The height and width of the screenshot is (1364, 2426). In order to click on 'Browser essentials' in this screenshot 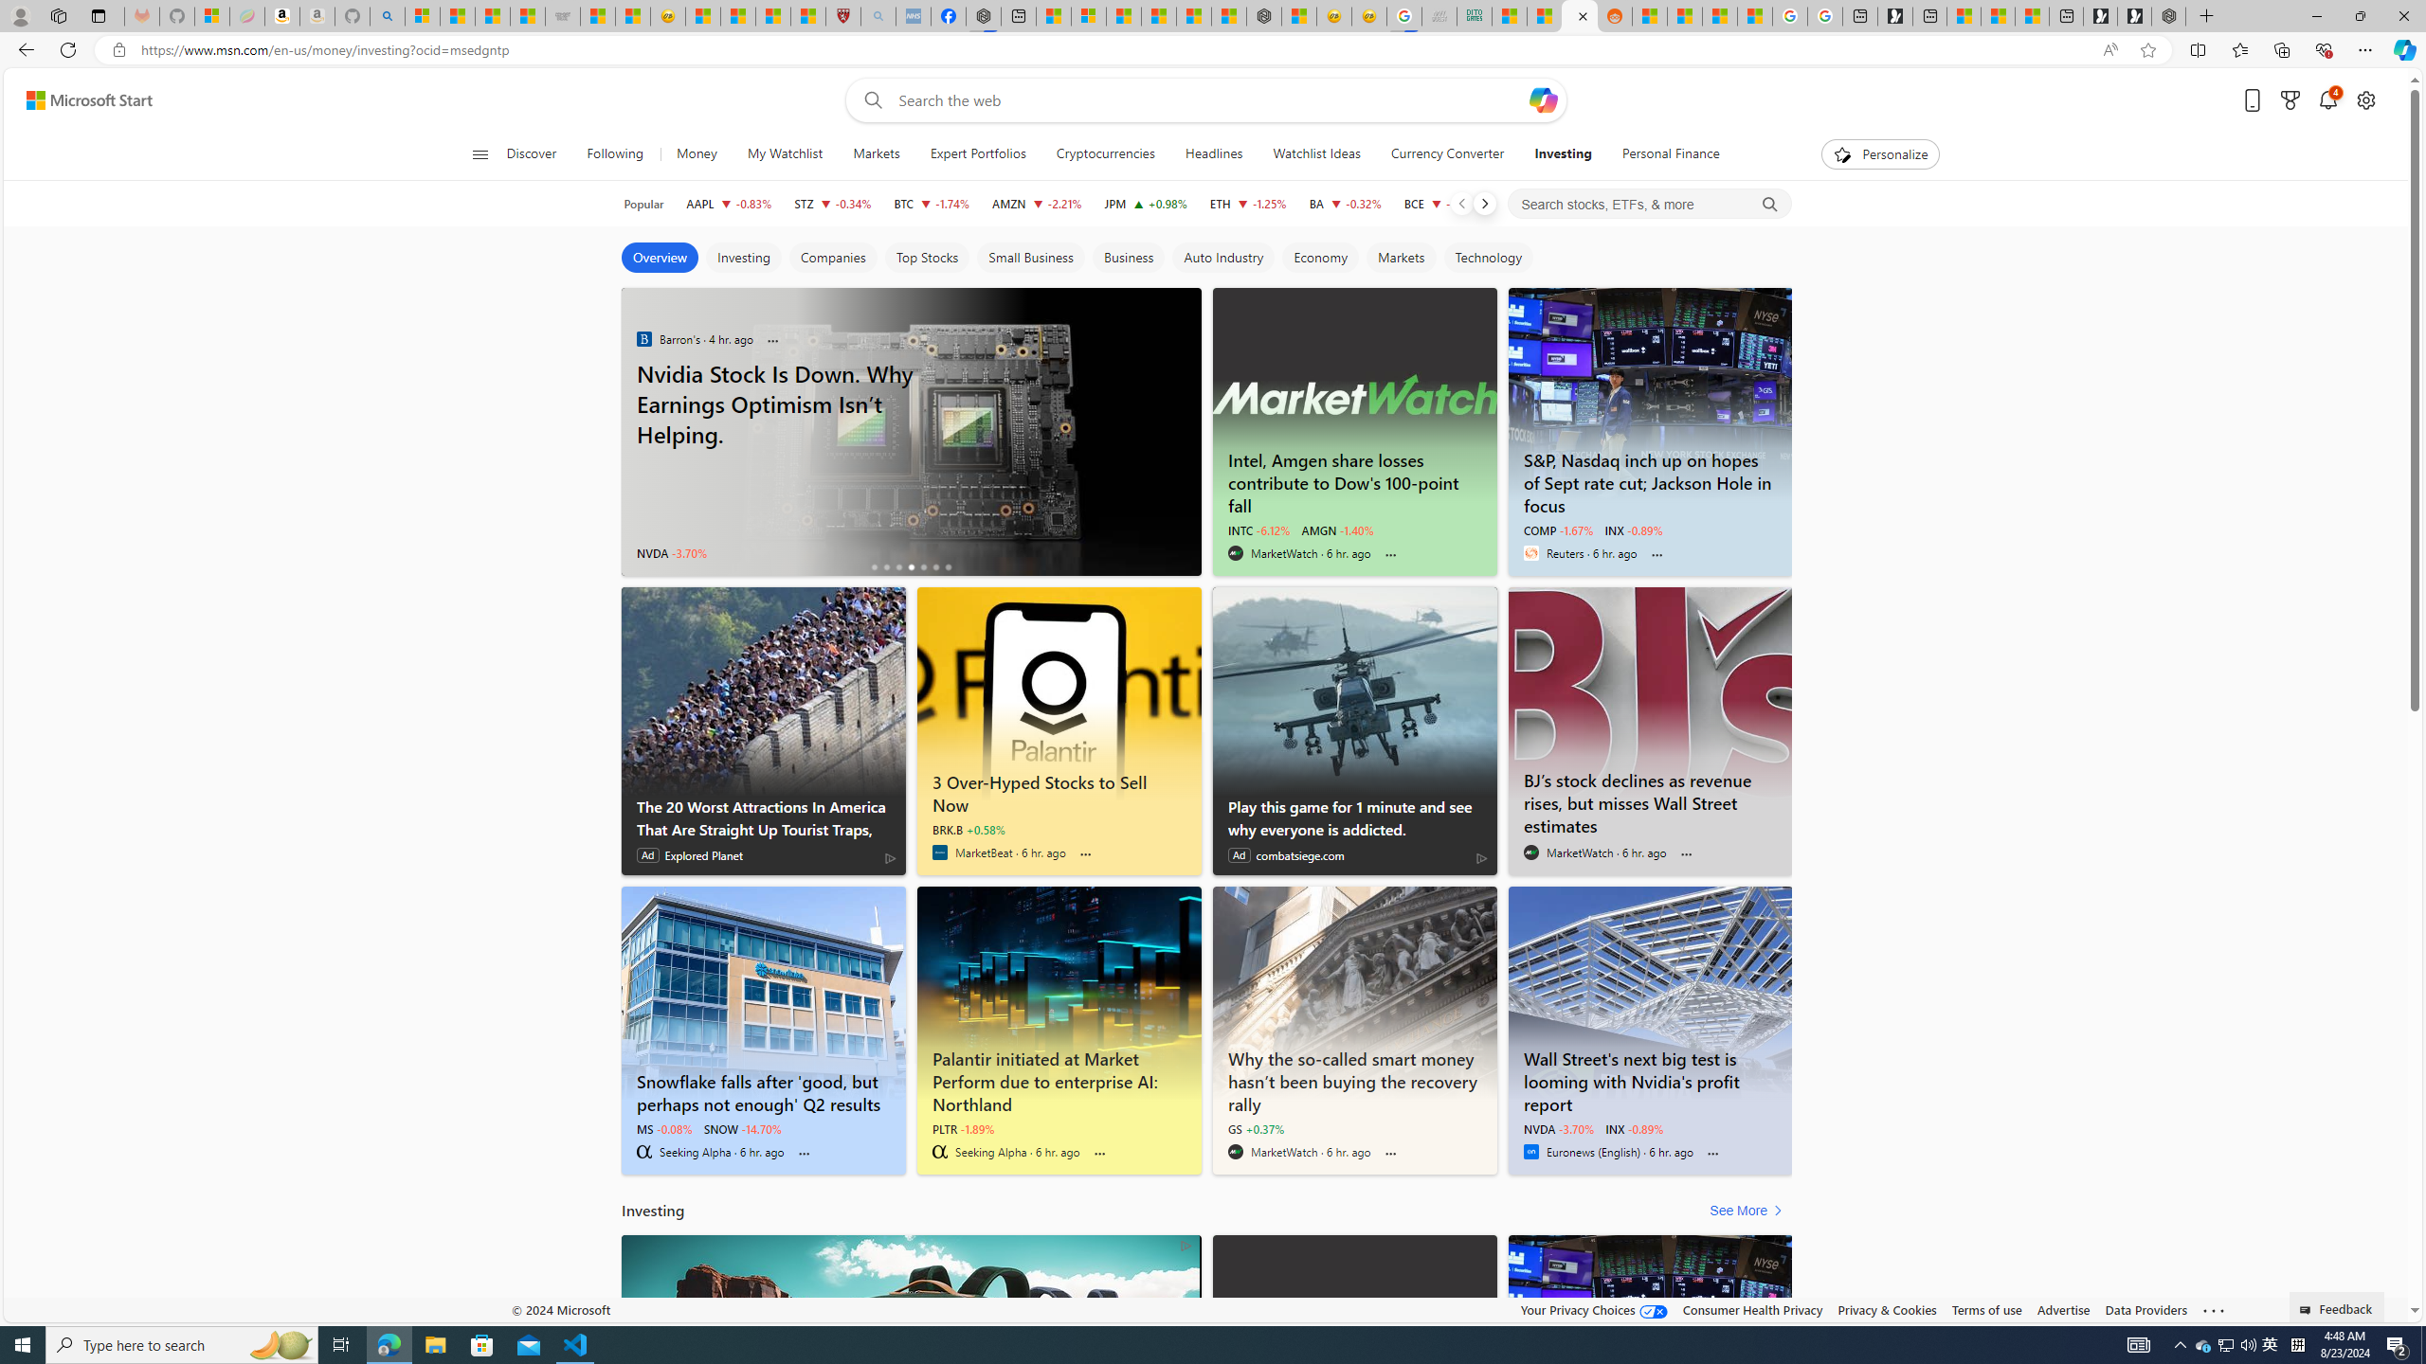, I will do `click(2323, 48)`.